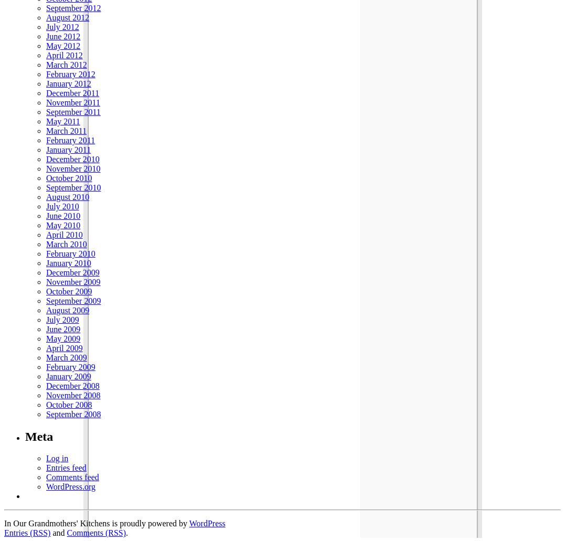 Image resolution: width=565 pixels, height=541 pixels. I want to click on 'July 2012', so click(62, 26).